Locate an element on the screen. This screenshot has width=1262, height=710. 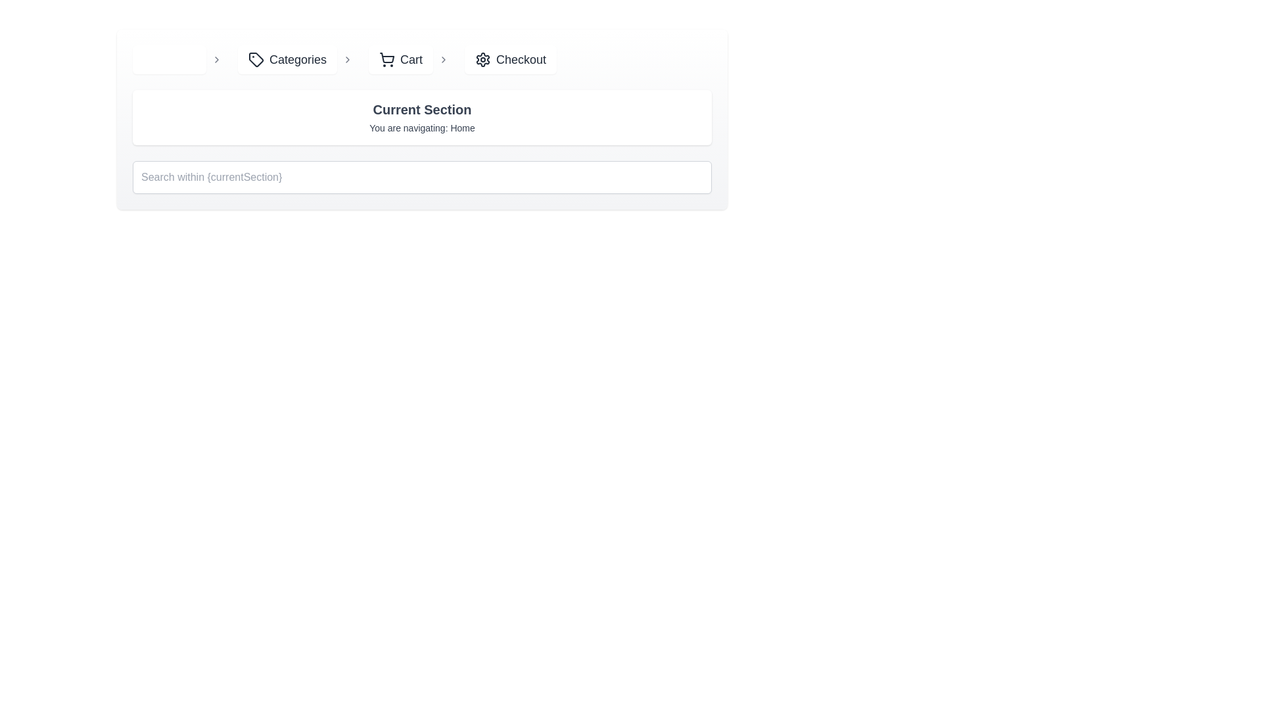
the 'Categories' navigation button, which is the first interactive button in the horizontal navigation bar, positioned left of 'Cart' and after a leftward-facing arrow is located at coordinates (287, 60).